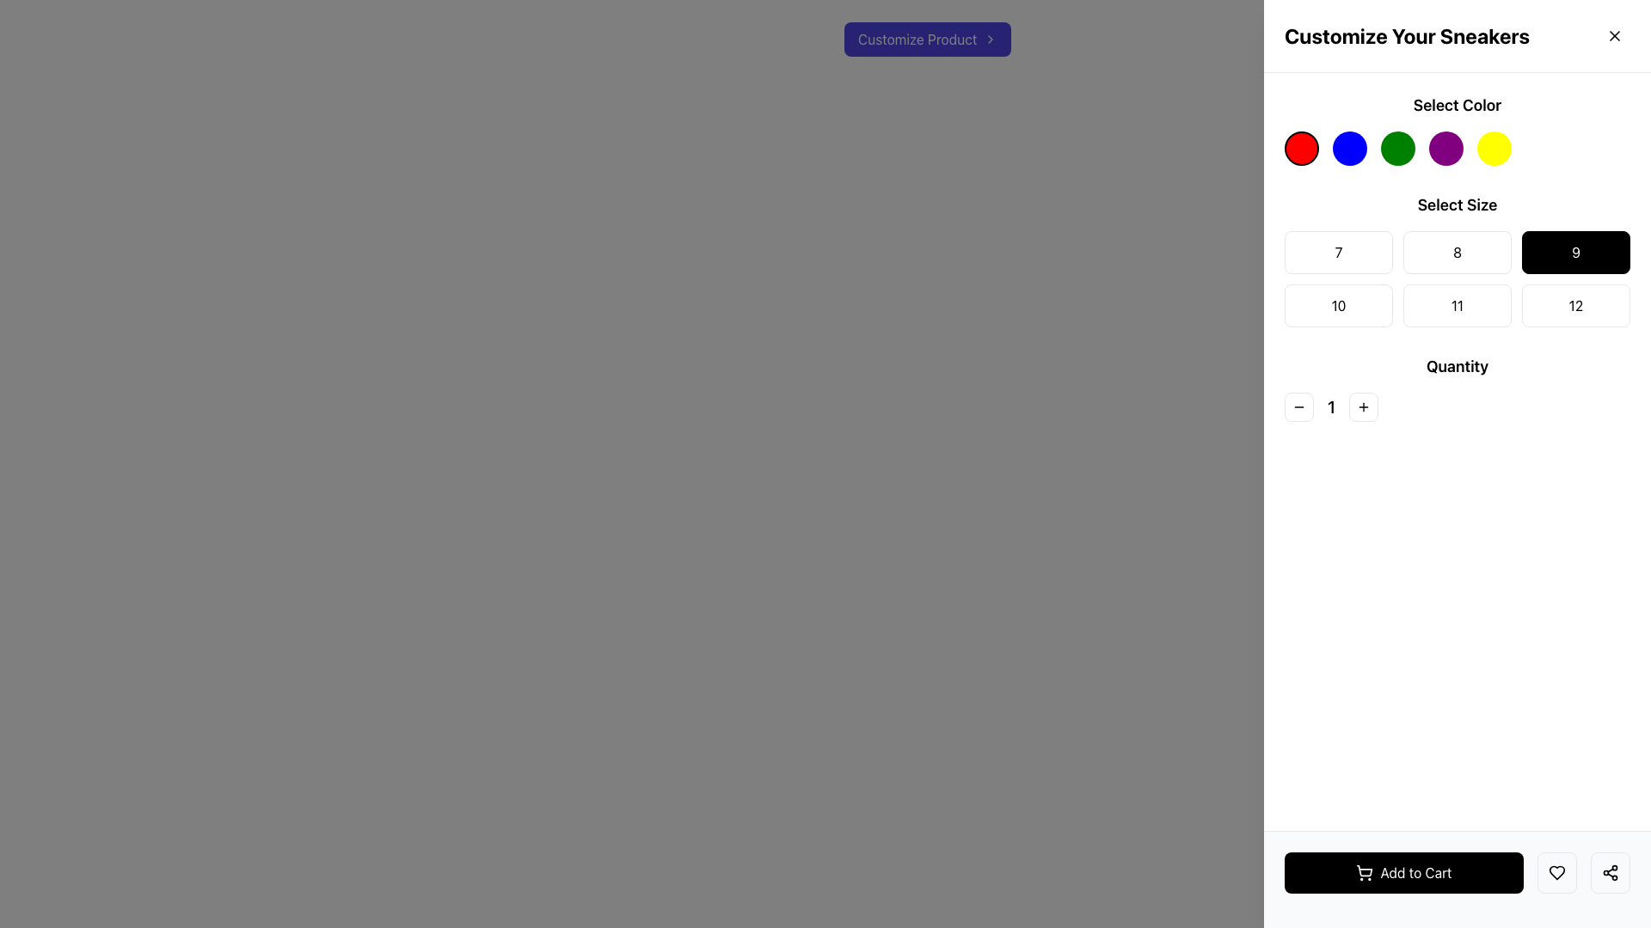 This screenshot has width=1651, height=928. I want to click on the third circular button from the left in the 'Select Color' section, so click(1398, 148).